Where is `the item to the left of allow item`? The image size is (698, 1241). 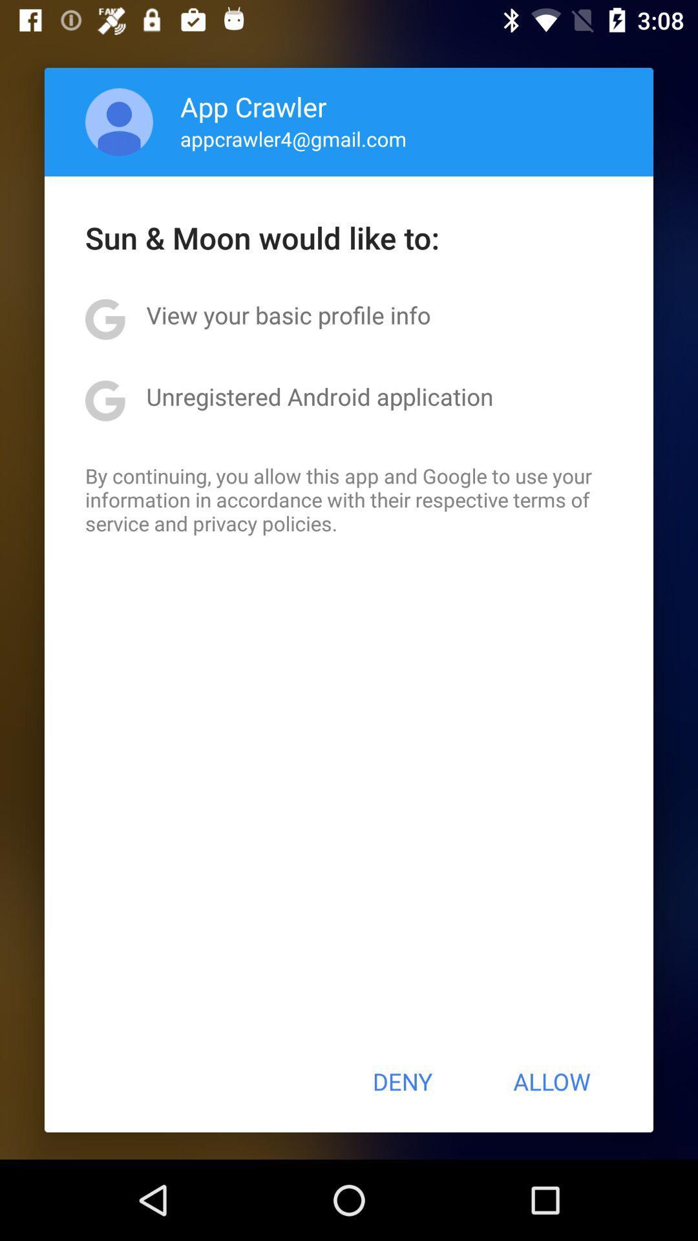
the item to the left of allow item is located at coordinates (401, 1081).